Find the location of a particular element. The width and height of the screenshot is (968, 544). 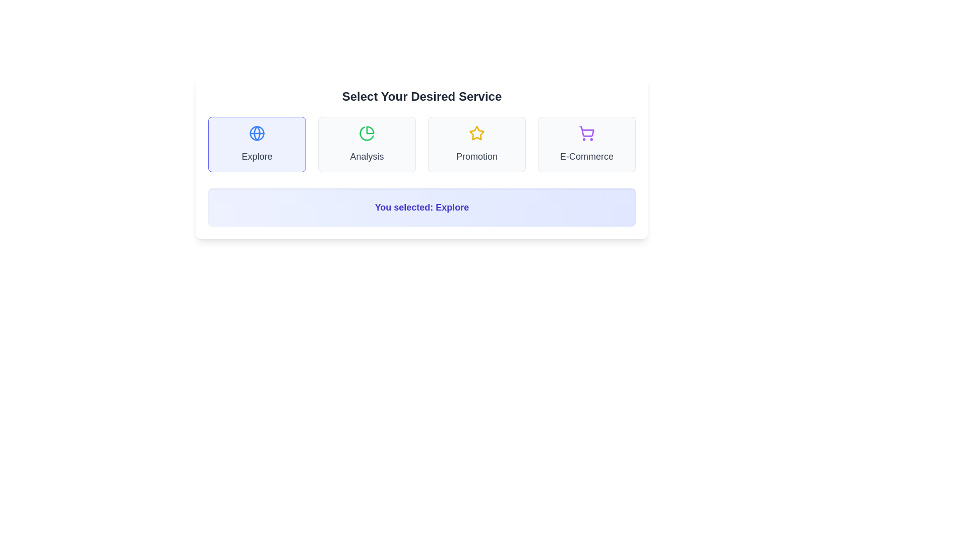

the shopping cart icon located in the 'E-Commerce' card, which is the last card in a row of four beneath the header 'Select Your Desired Service' is located at coordinates (586, 133).